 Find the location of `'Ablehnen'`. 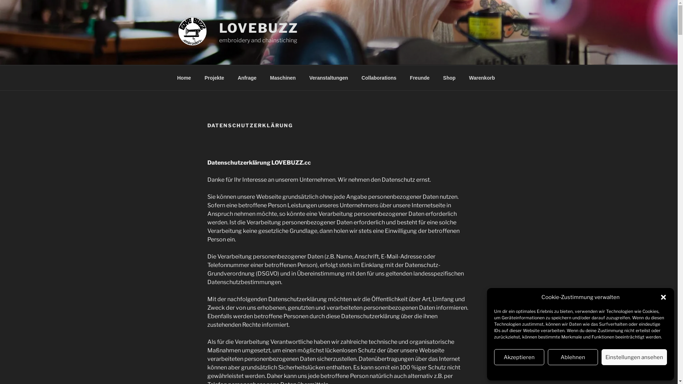

'Ablehnen' is located at coordinates (573, 357).